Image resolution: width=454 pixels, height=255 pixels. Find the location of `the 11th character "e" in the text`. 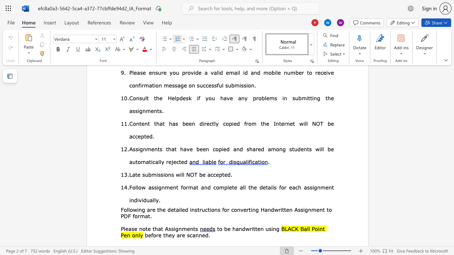

the 11th character "e" in the text is located at coordinates (182, 161).